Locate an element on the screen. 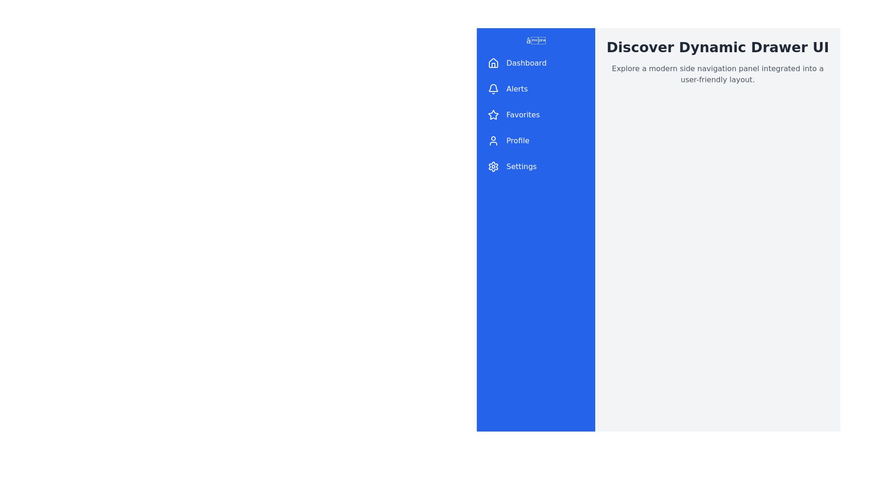 The image size is (888, 499). the Text Label that serves as a branding marker for the navigation panel, positioned at the top above navigation options is located at coordinates (536, 40).